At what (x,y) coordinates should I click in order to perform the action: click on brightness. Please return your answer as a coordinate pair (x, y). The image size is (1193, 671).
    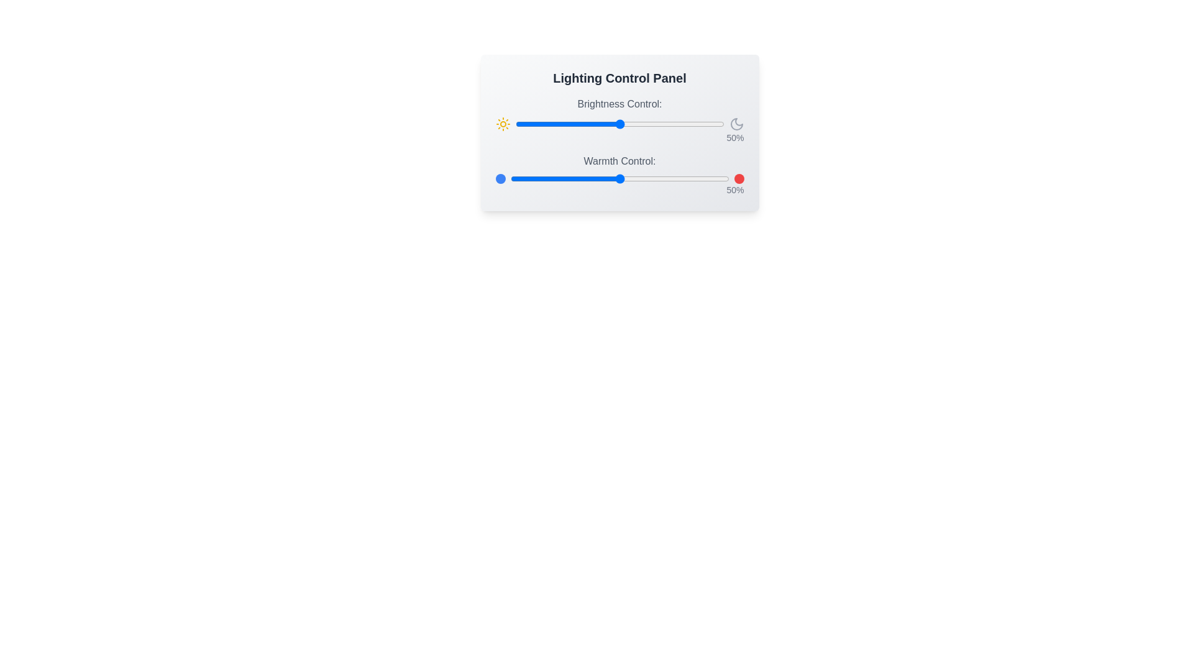
    Looking at the image, I should click on (701, 124).